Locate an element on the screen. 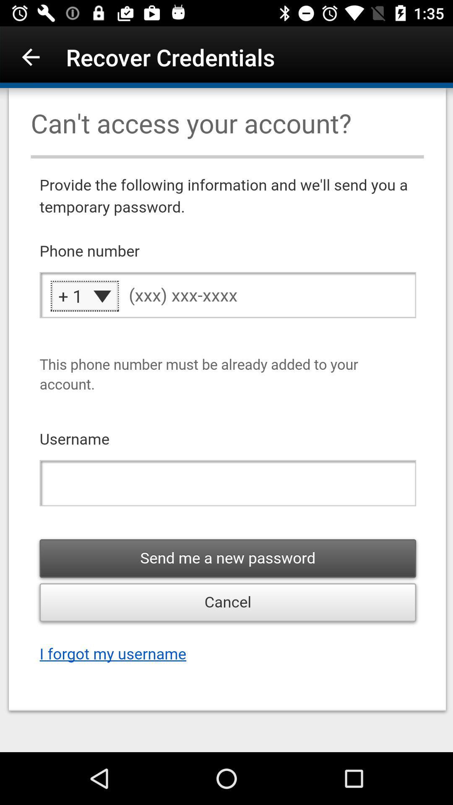 The width and height of the screenshot is (453, 805). description is located at coordinates (226, 420).